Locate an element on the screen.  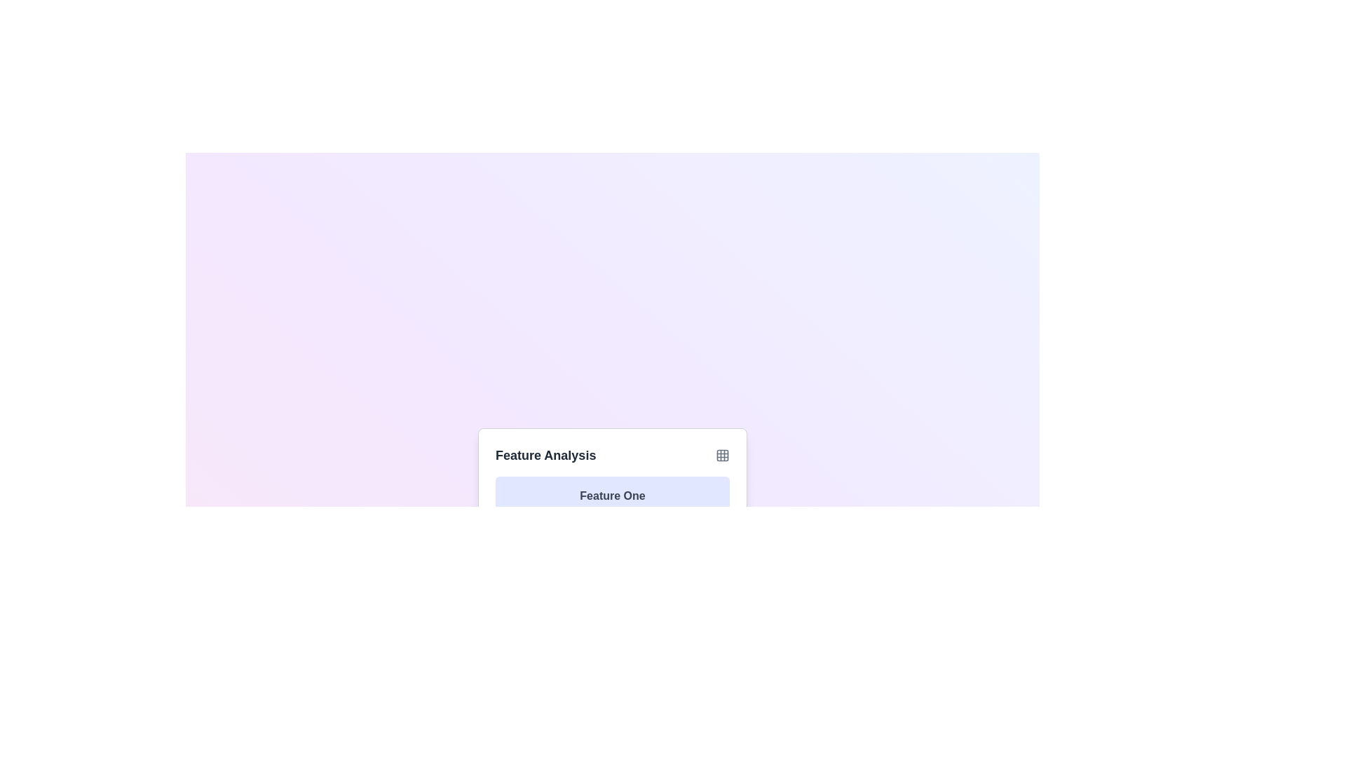
the text label displaying 'Feature One' in bold, dark gray font located below the heading 'Feature Analysis' is located at coordinates (612, 496).